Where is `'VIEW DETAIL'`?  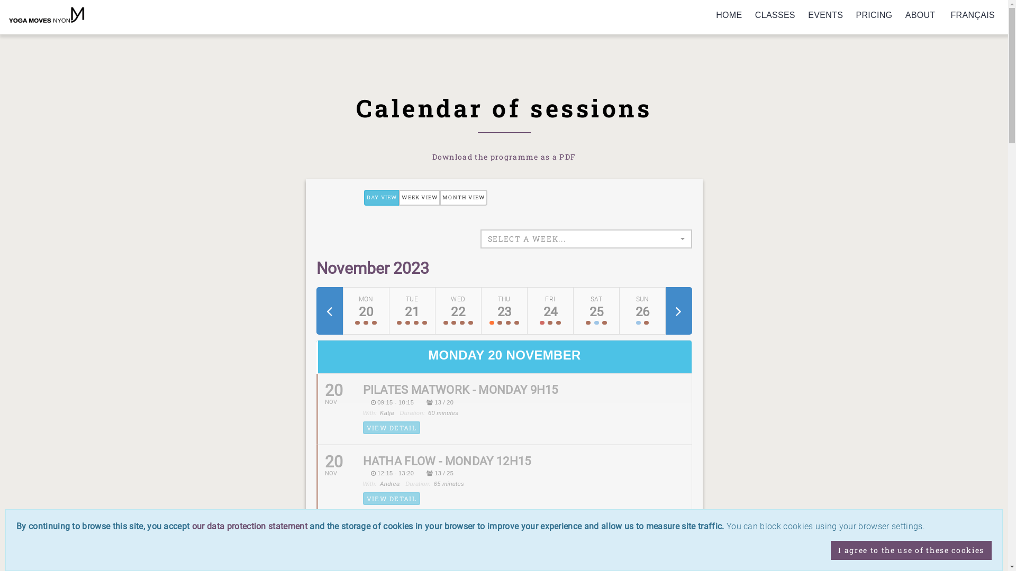
'VIEW DETAIL' is located at coordinates (391, 427).